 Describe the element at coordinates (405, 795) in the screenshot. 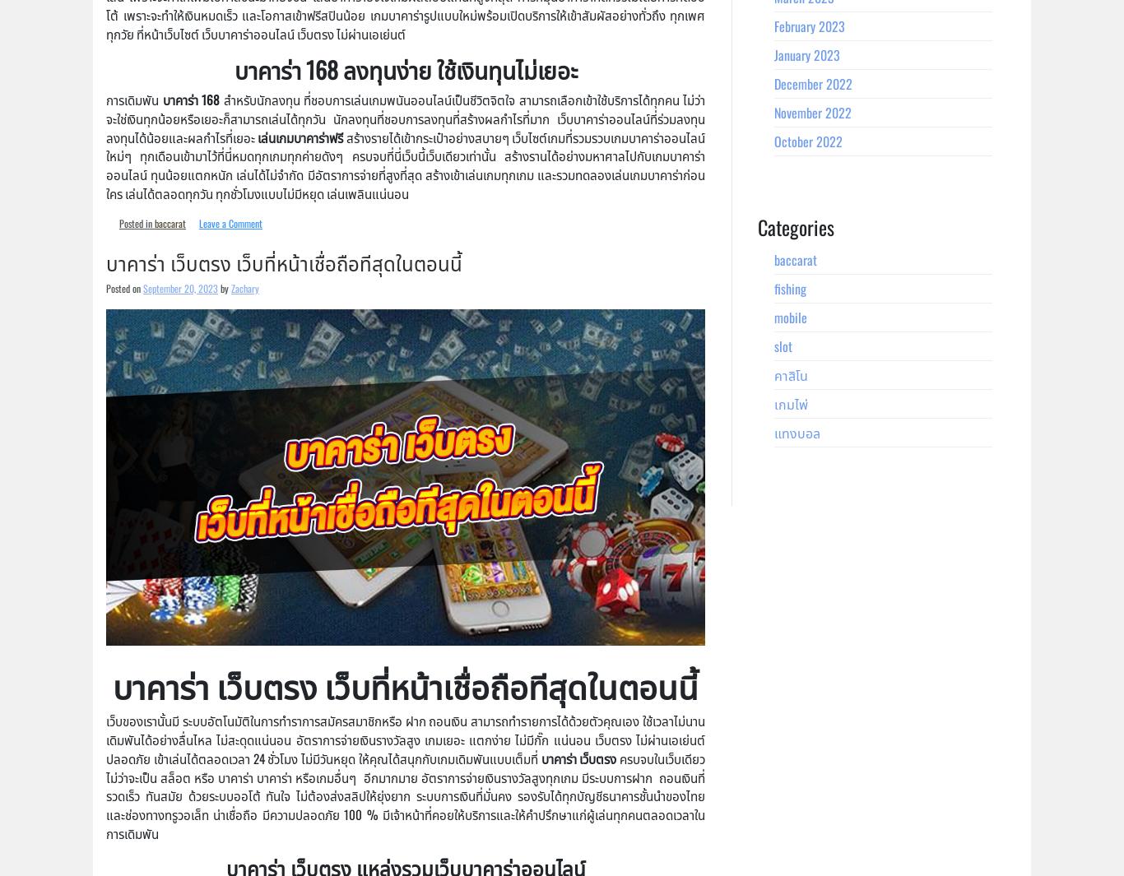

I see `'ครบจบในเว็บเดียว ไม่ว่าจะเป็น สล็อต หรือ บาคาร่า บาคาร่า หรือเกมอื่นๆ  อีกมากมาย อัตราการจ่ายเงินรางวัลสูงทุกเกม มีระบบการฝาก  ถอนเงินที่รวดเร็ว ทันสมัย ด้วยระบบออโต้ ทันใจ ไม่ต้องส่งสลิปให้ยุ่งยาก ระบบการเงินที่มั่นคง รองรับได้ทุกบัญชีธนาคารชั้นนำของไทย และช่องทางทรูวอเล็ท น่าเชื่อถือ มีความปลอดภัย 100 % มีเจ้าหน้าที่คอยให้บริการและให้คำปรึกษาแก่ผู้เล่นทุกคนตลอดเวลาในการเดิมพัน'` at that location.